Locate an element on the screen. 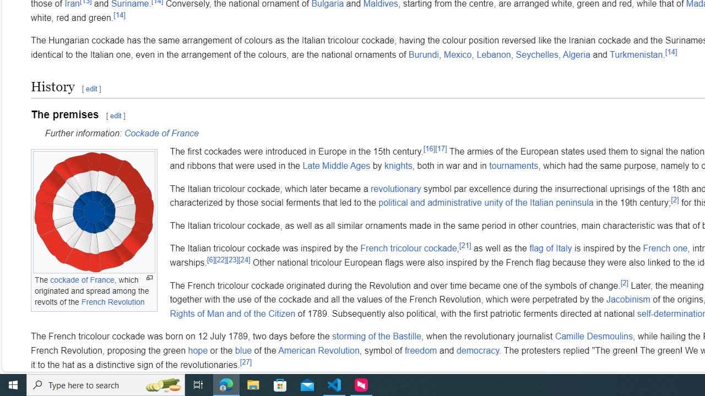  'blue' is located at coordinates (243, 350).